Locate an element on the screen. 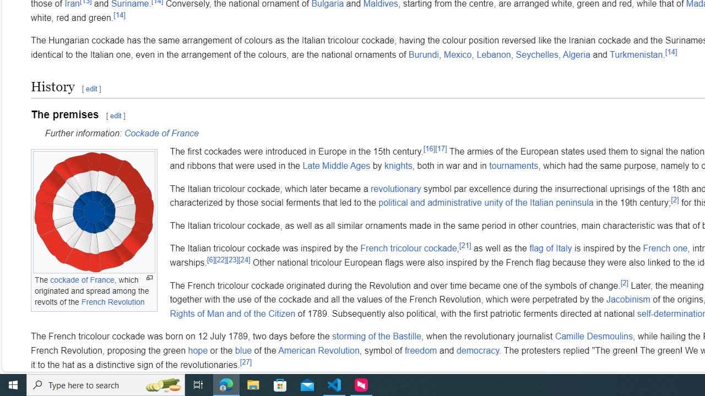  'blue' is located at coordinates (243, 350).